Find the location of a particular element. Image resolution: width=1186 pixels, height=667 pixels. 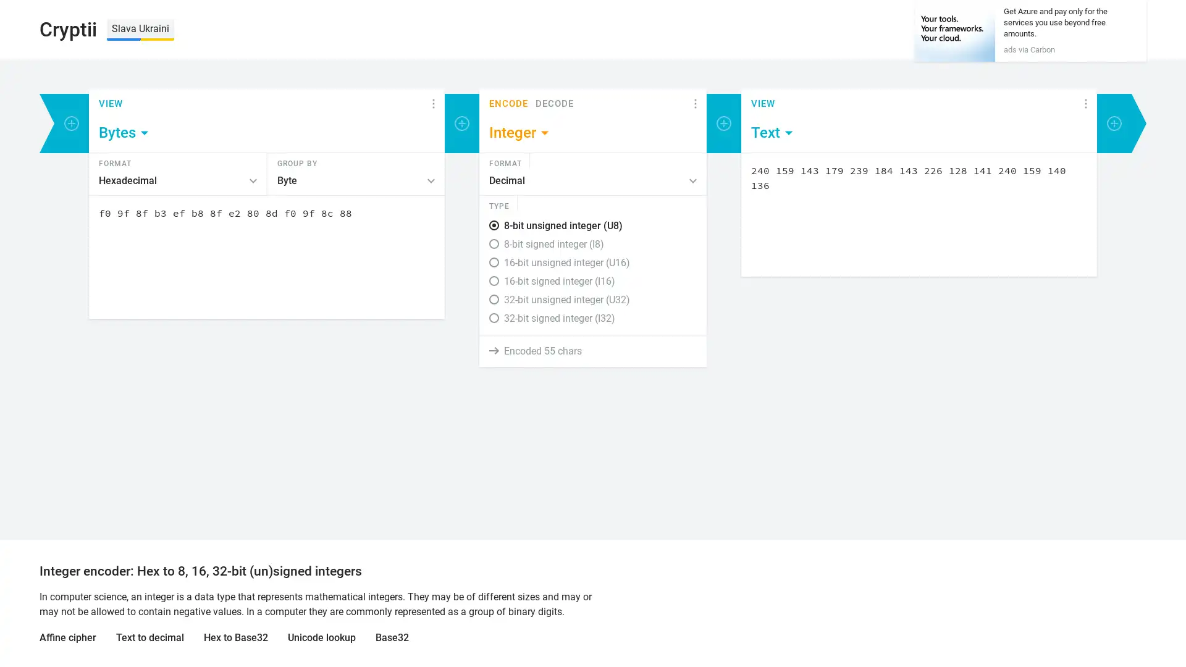

Text is located at coordinates (772, 133).